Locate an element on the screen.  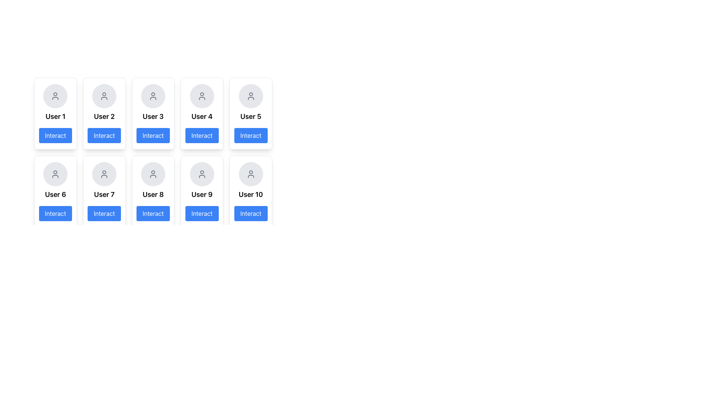
the Text label that identifies the user card in the second row and first column of the grid layout, positioned above the 'Interact' button is located at coordinates (55, 194).